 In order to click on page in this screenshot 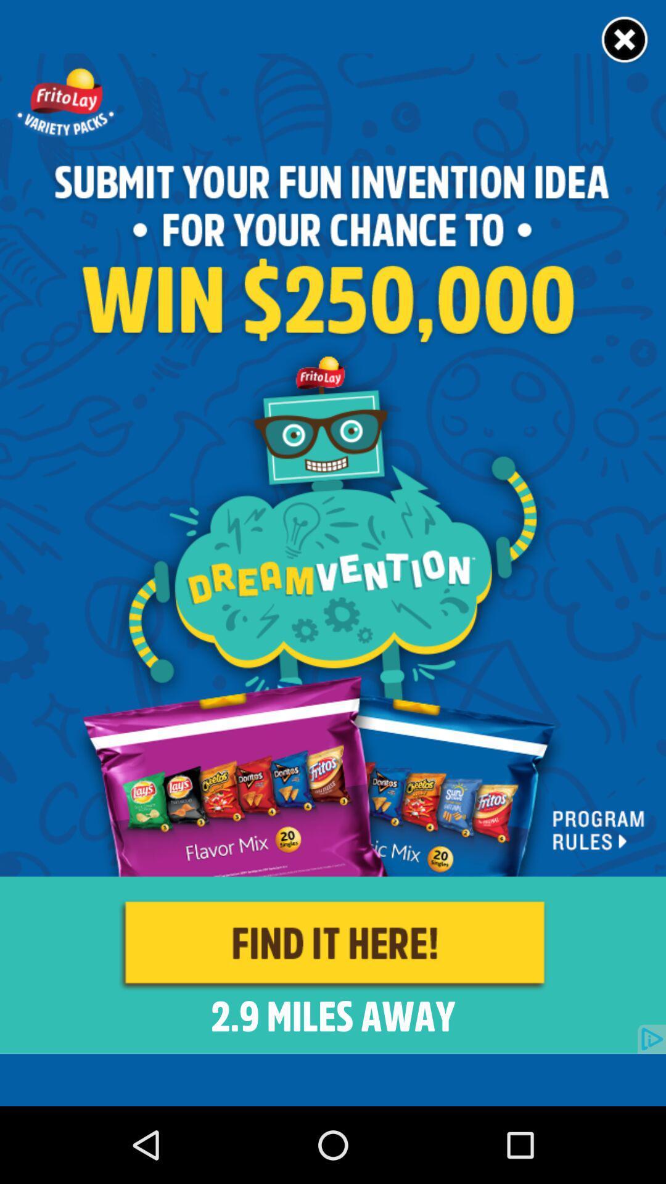, I will do `click(625, 40)`.